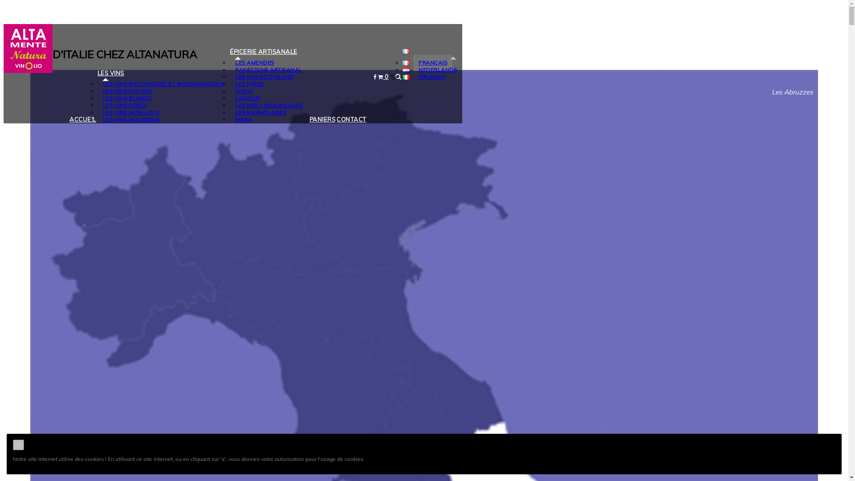 This screenshot has width=855, height=481. What do you see at coordinates (126, 98) in the screenshot?
I see `'LES VINS BLANCS'` at bounding box center [126, 98].